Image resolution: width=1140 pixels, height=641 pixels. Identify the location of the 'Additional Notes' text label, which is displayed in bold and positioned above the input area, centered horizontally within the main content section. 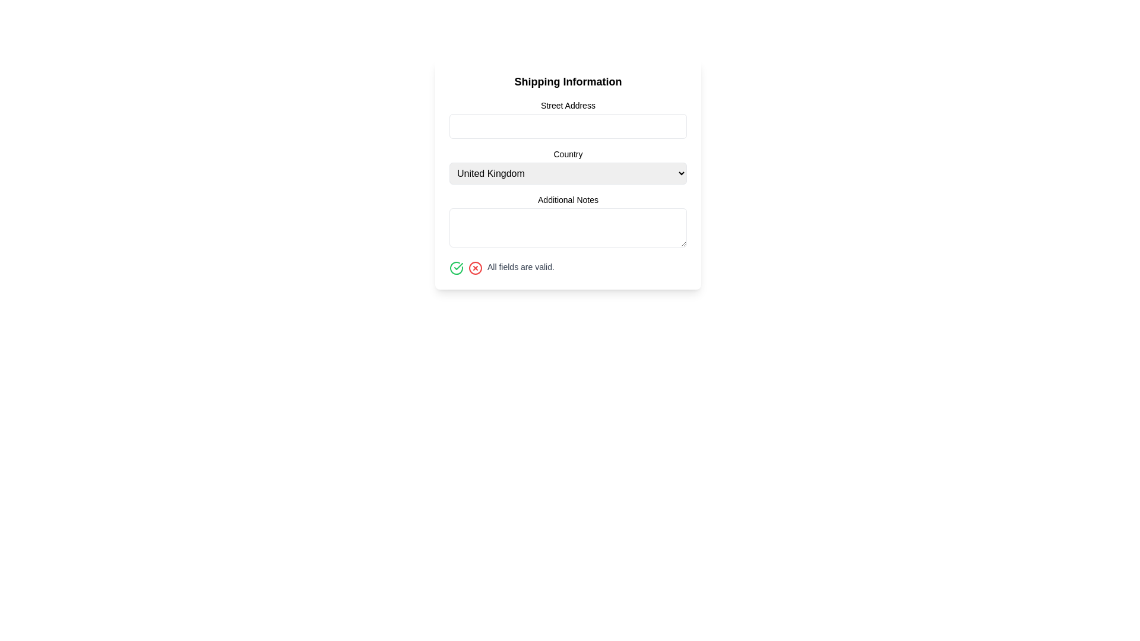
(567, 199).